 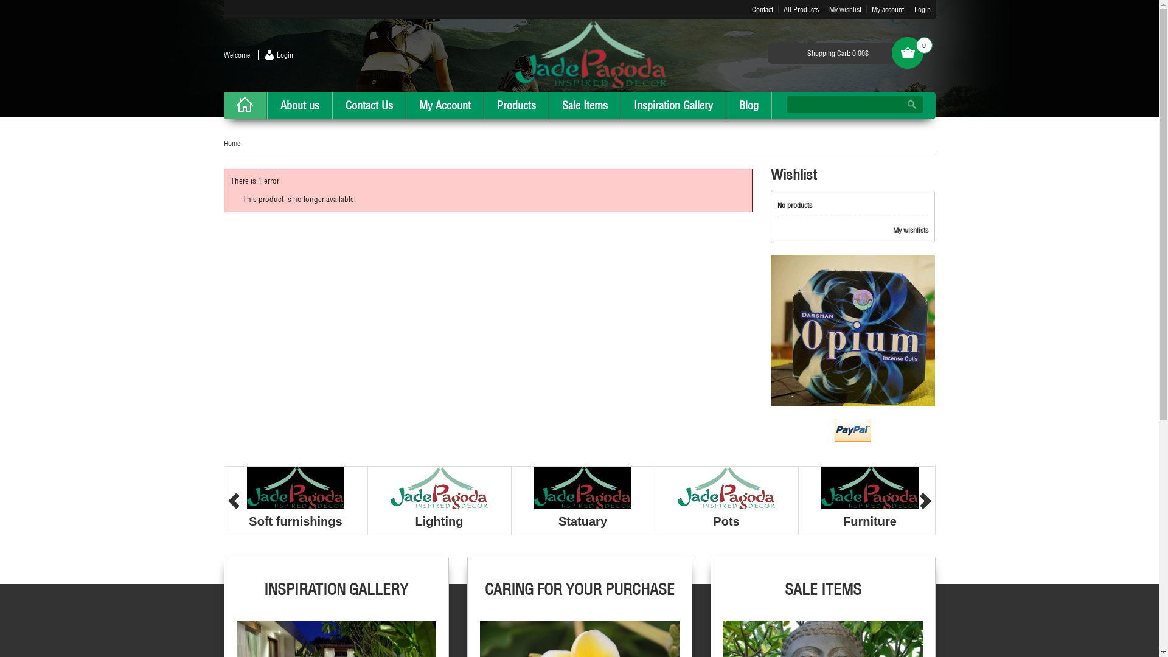 I want to click on 'Lighting', so click(x=439, y=520).